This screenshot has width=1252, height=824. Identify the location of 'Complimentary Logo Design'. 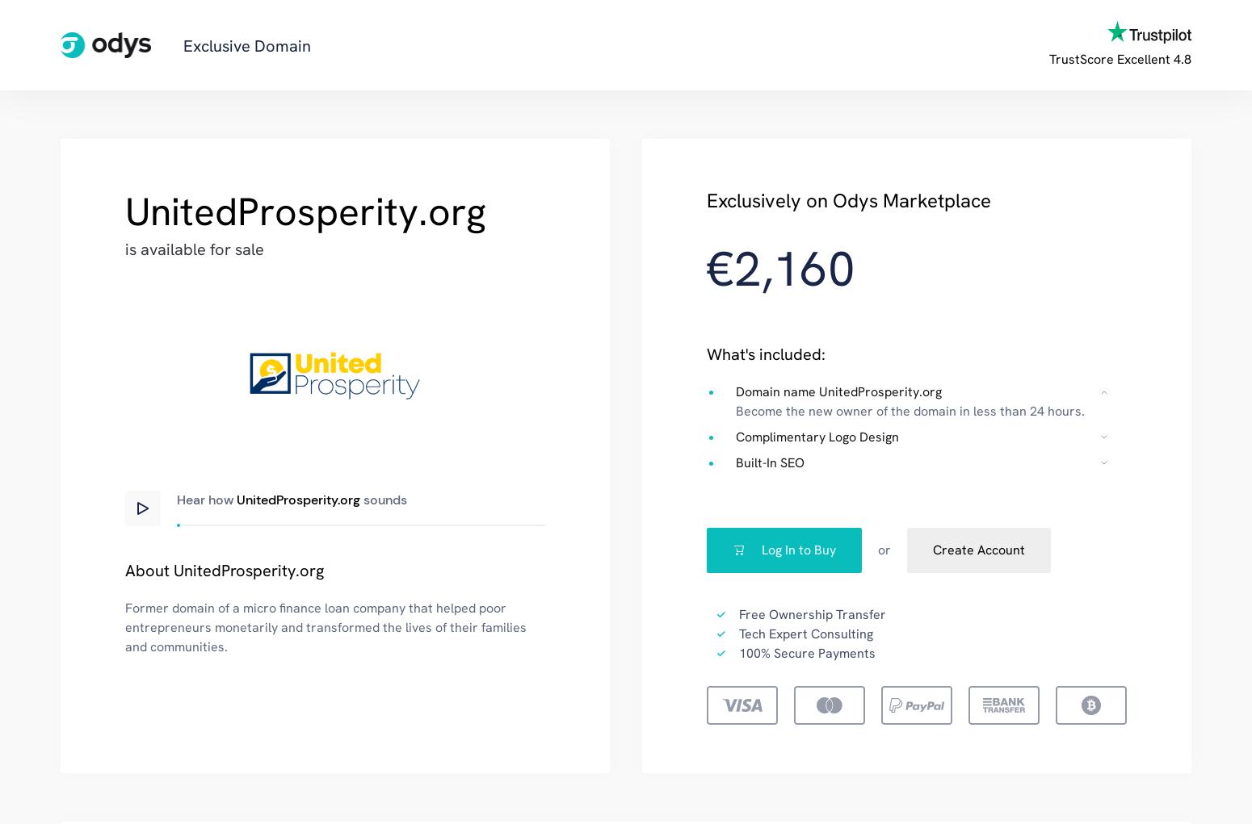
(817, 436).